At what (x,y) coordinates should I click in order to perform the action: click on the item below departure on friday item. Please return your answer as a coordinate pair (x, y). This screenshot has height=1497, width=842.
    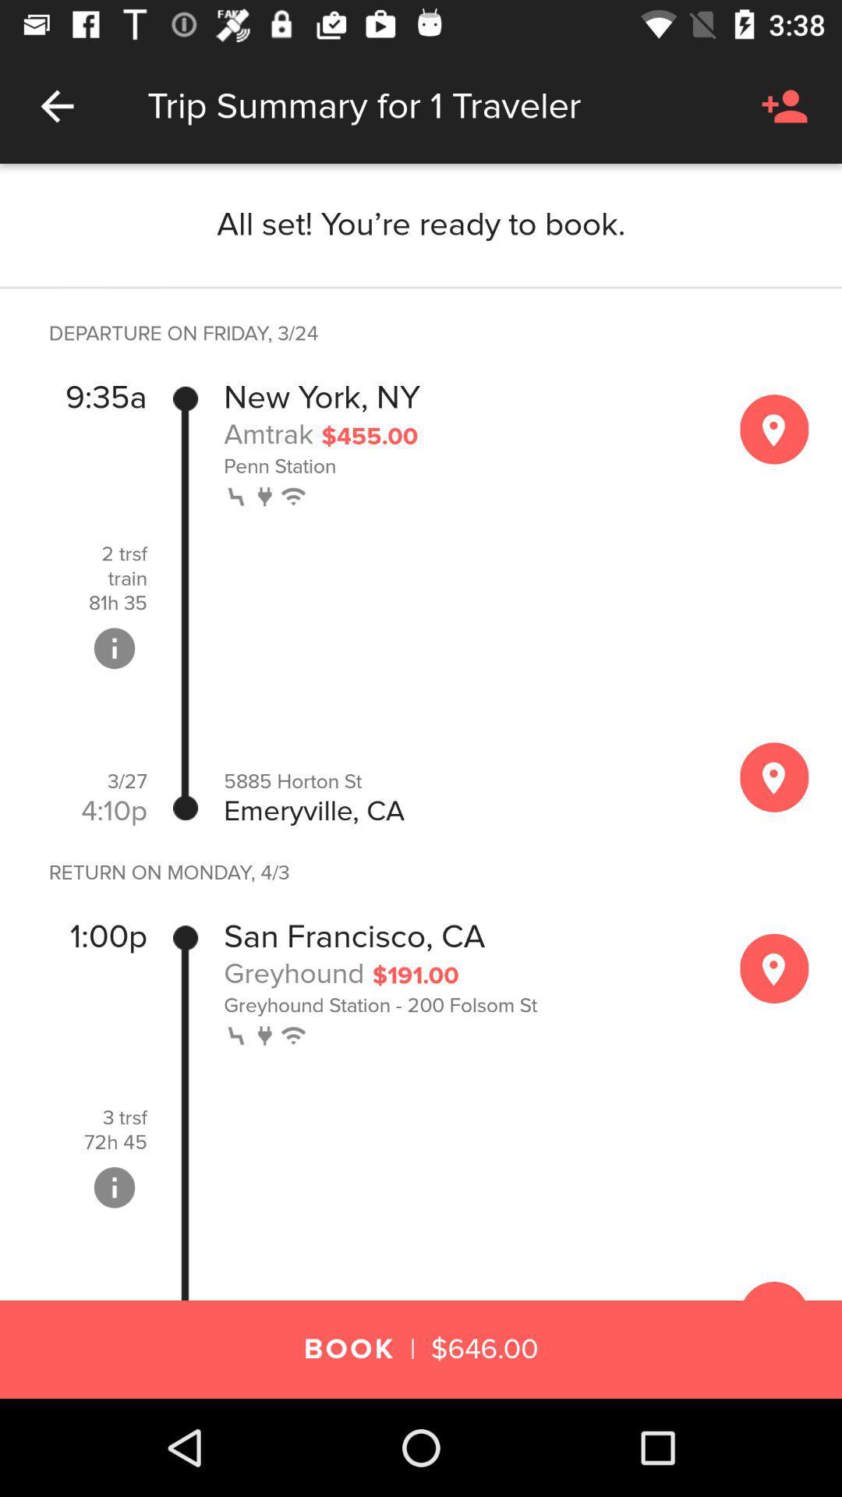
    Looking at the image, I should click on (105, 398).